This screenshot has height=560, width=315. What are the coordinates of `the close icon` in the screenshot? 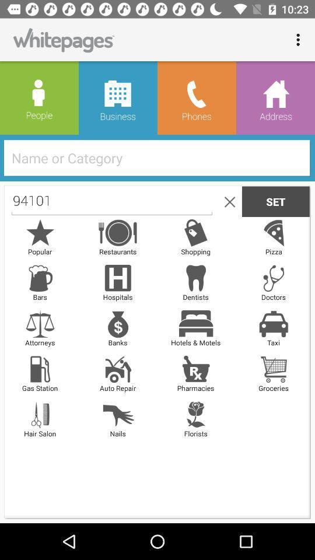 It's located at (228, 201).